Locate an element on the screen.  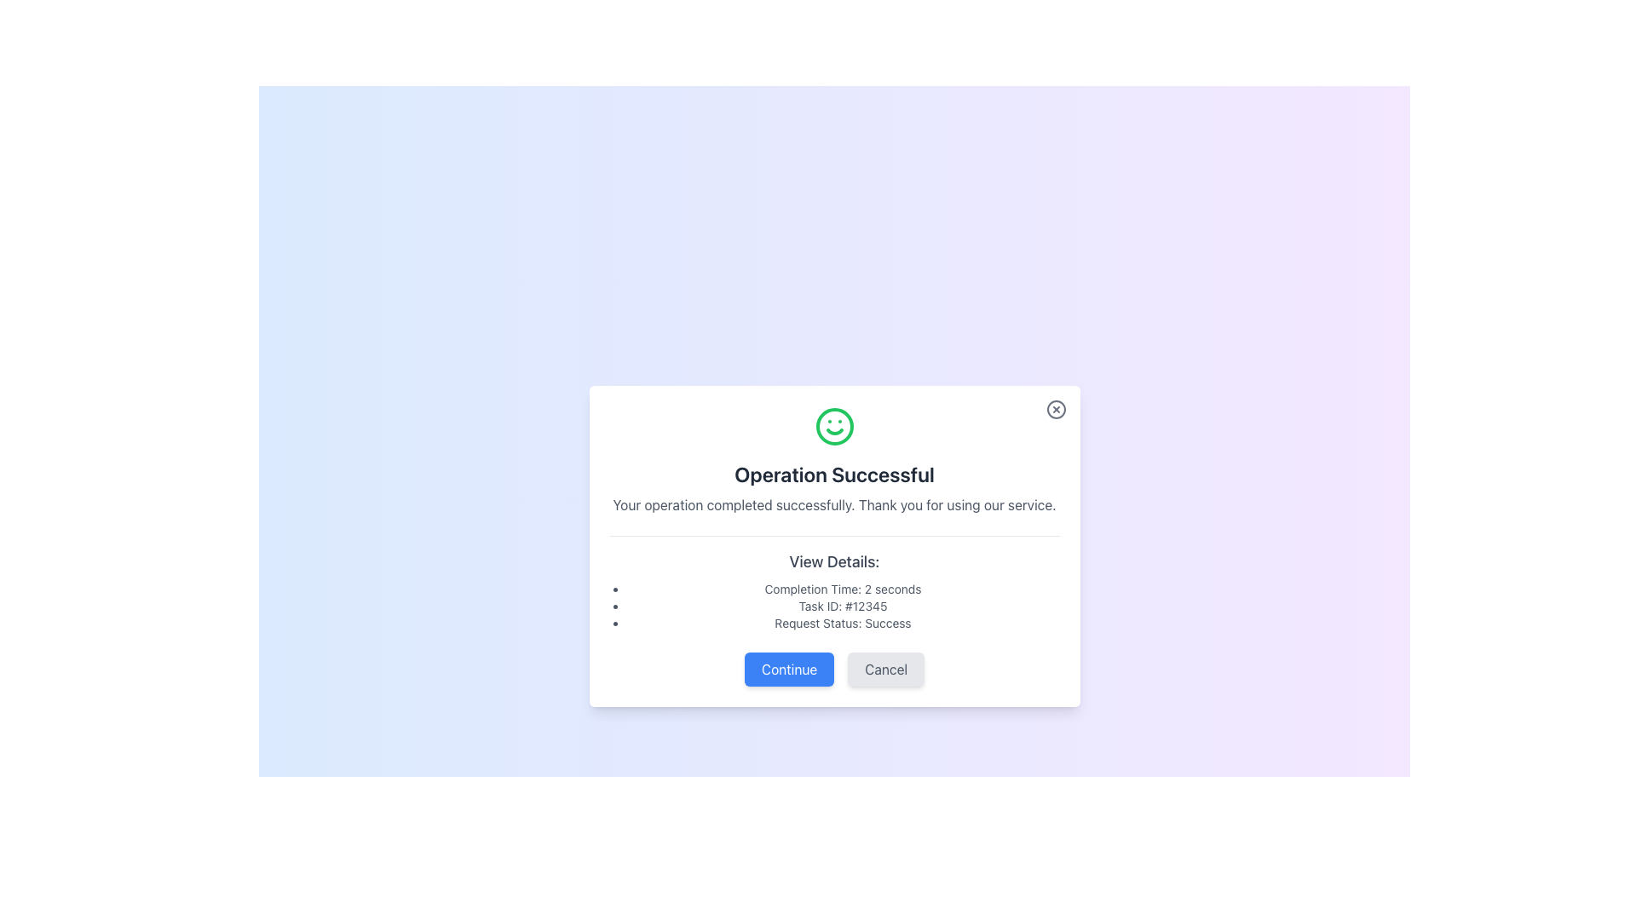
the second button in the horizontal row that triggers the cancel action is located at coordinates (886, 668).